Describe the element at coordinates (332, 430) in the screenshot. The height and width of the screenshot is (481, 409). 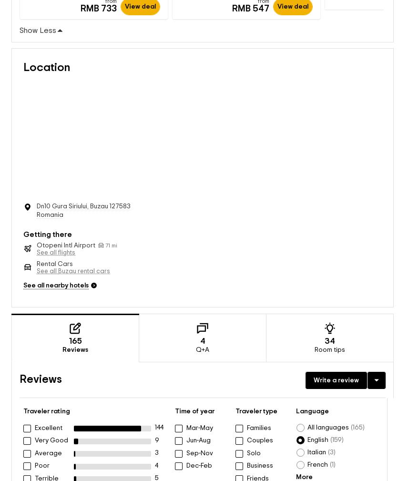
I see `'159'` at that location.